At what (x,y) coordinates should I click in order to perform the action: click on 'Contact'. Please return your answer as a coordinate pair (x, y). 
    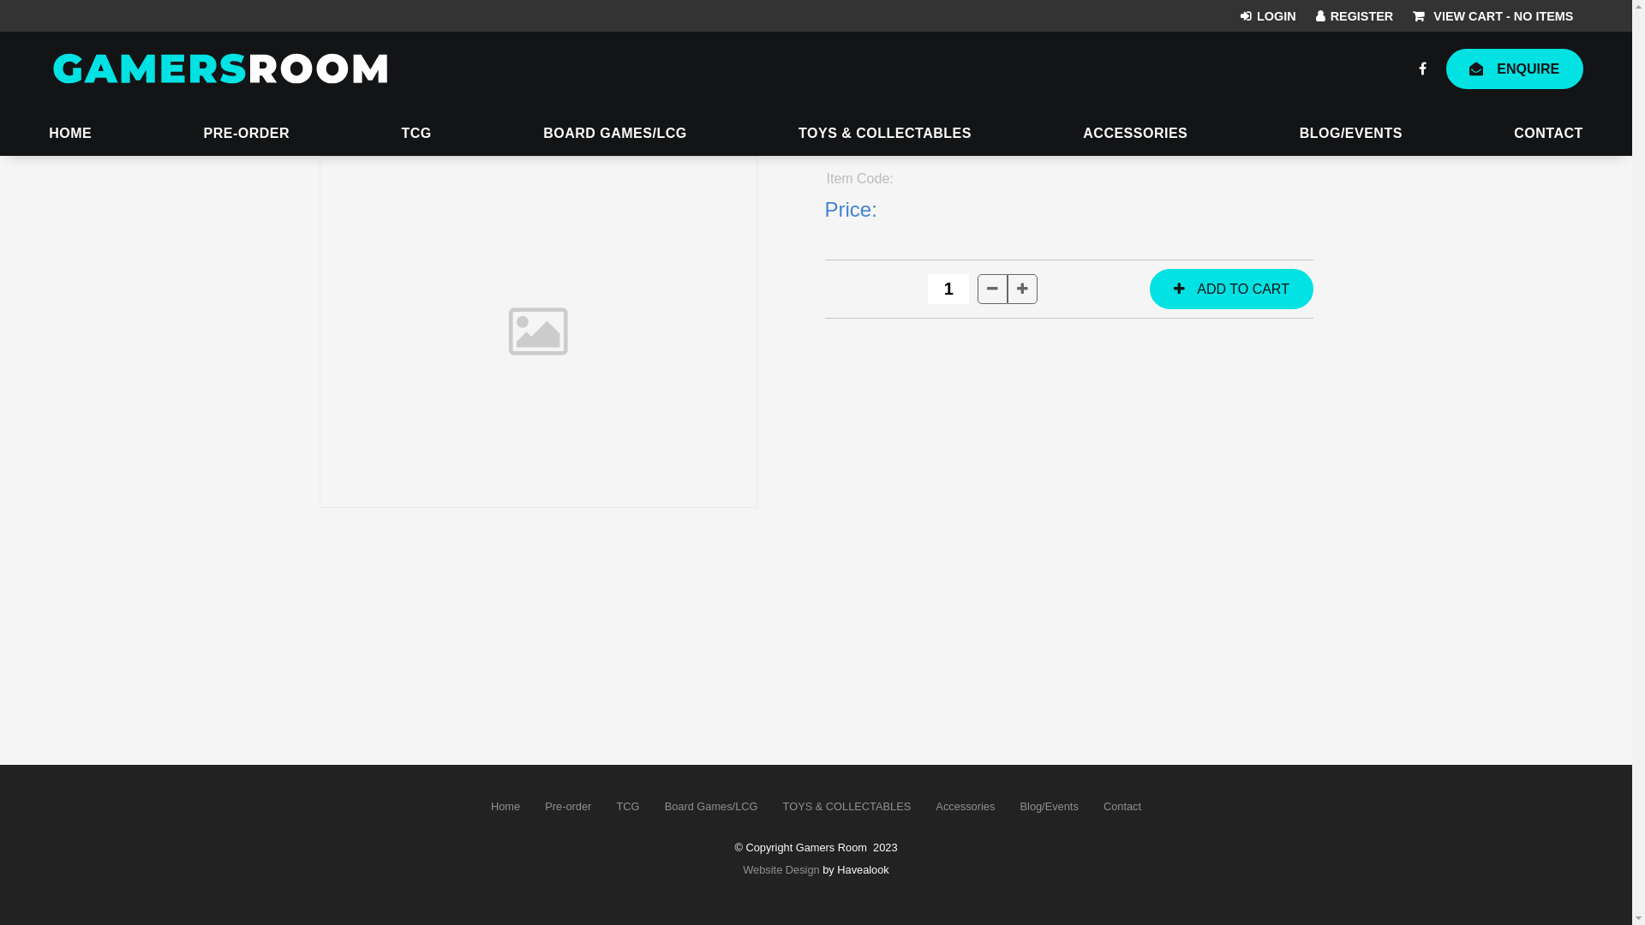
    Looking at the image, I should click on (1122, 806).